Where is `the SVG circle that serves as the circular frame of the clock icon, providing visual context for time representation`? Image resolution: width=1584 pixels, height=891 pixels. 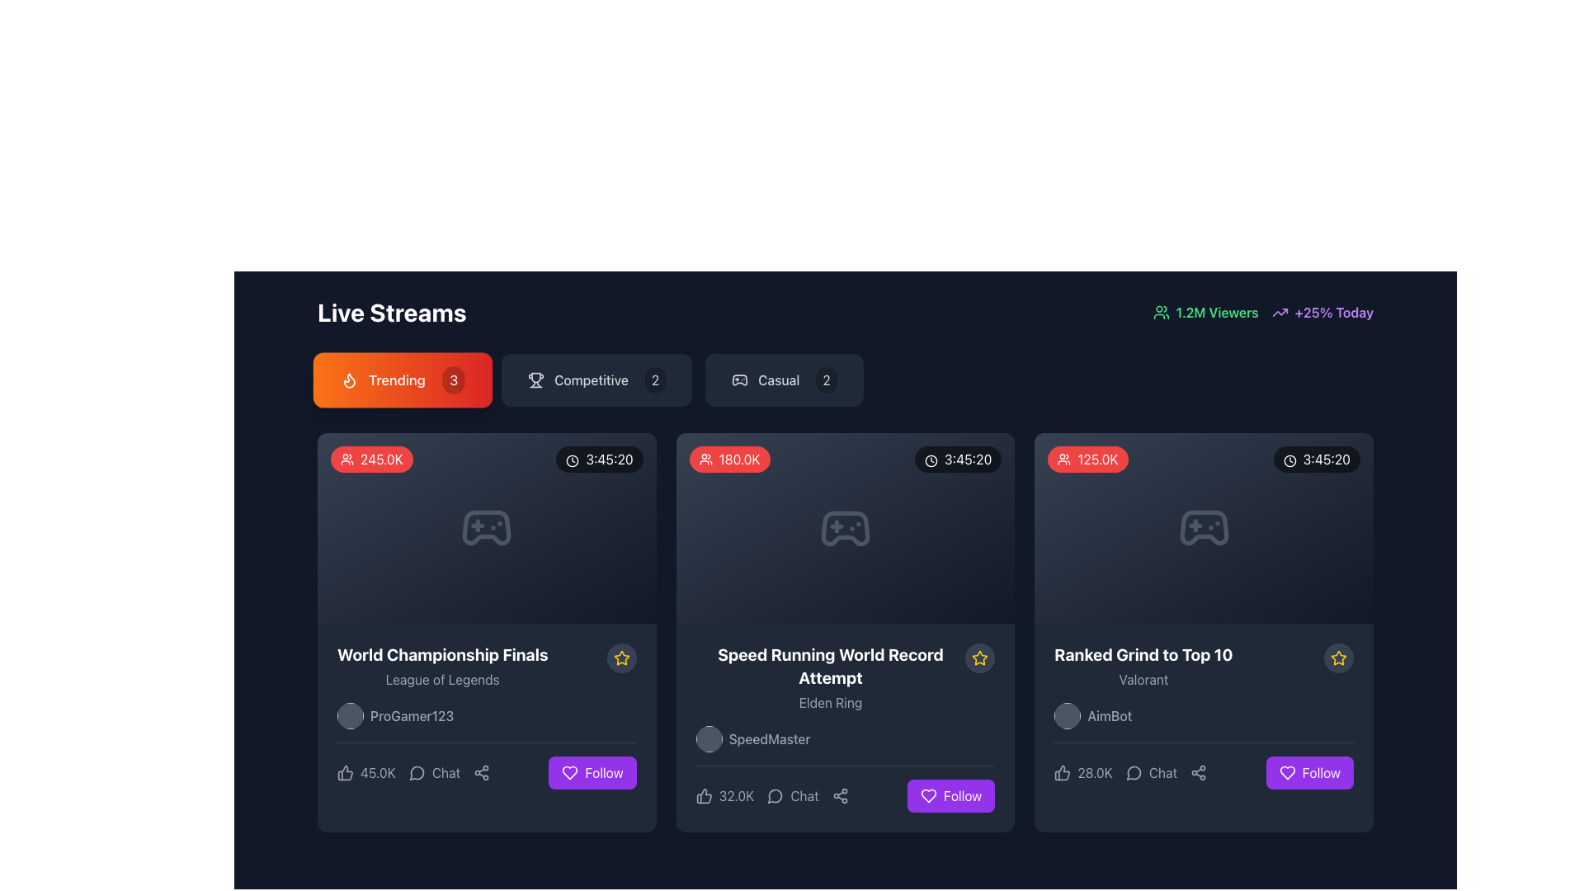
the SVG circle that serves as the circular frame of the clock icon, providing visual context for time representation is located at coordinates (573, 460).